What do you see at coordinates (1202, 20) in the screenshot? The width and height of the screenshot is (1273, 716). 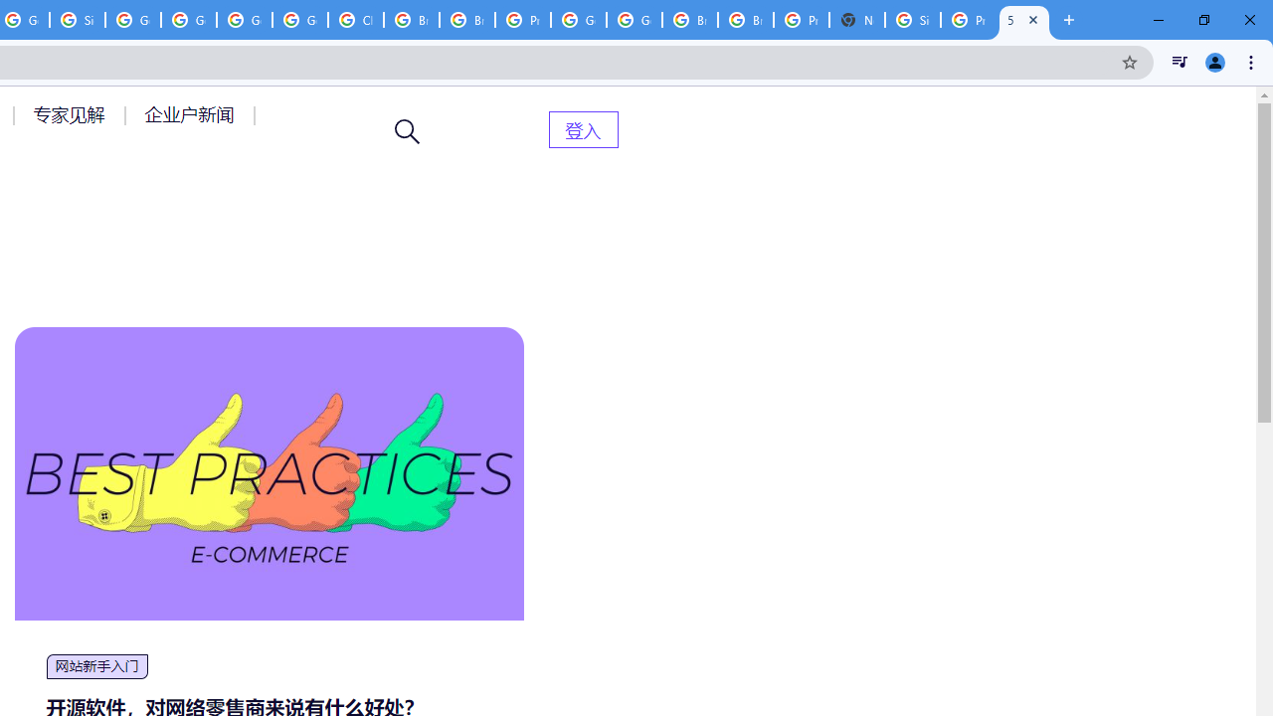 I see `'Restore'` at bounding box center [1202, 20].